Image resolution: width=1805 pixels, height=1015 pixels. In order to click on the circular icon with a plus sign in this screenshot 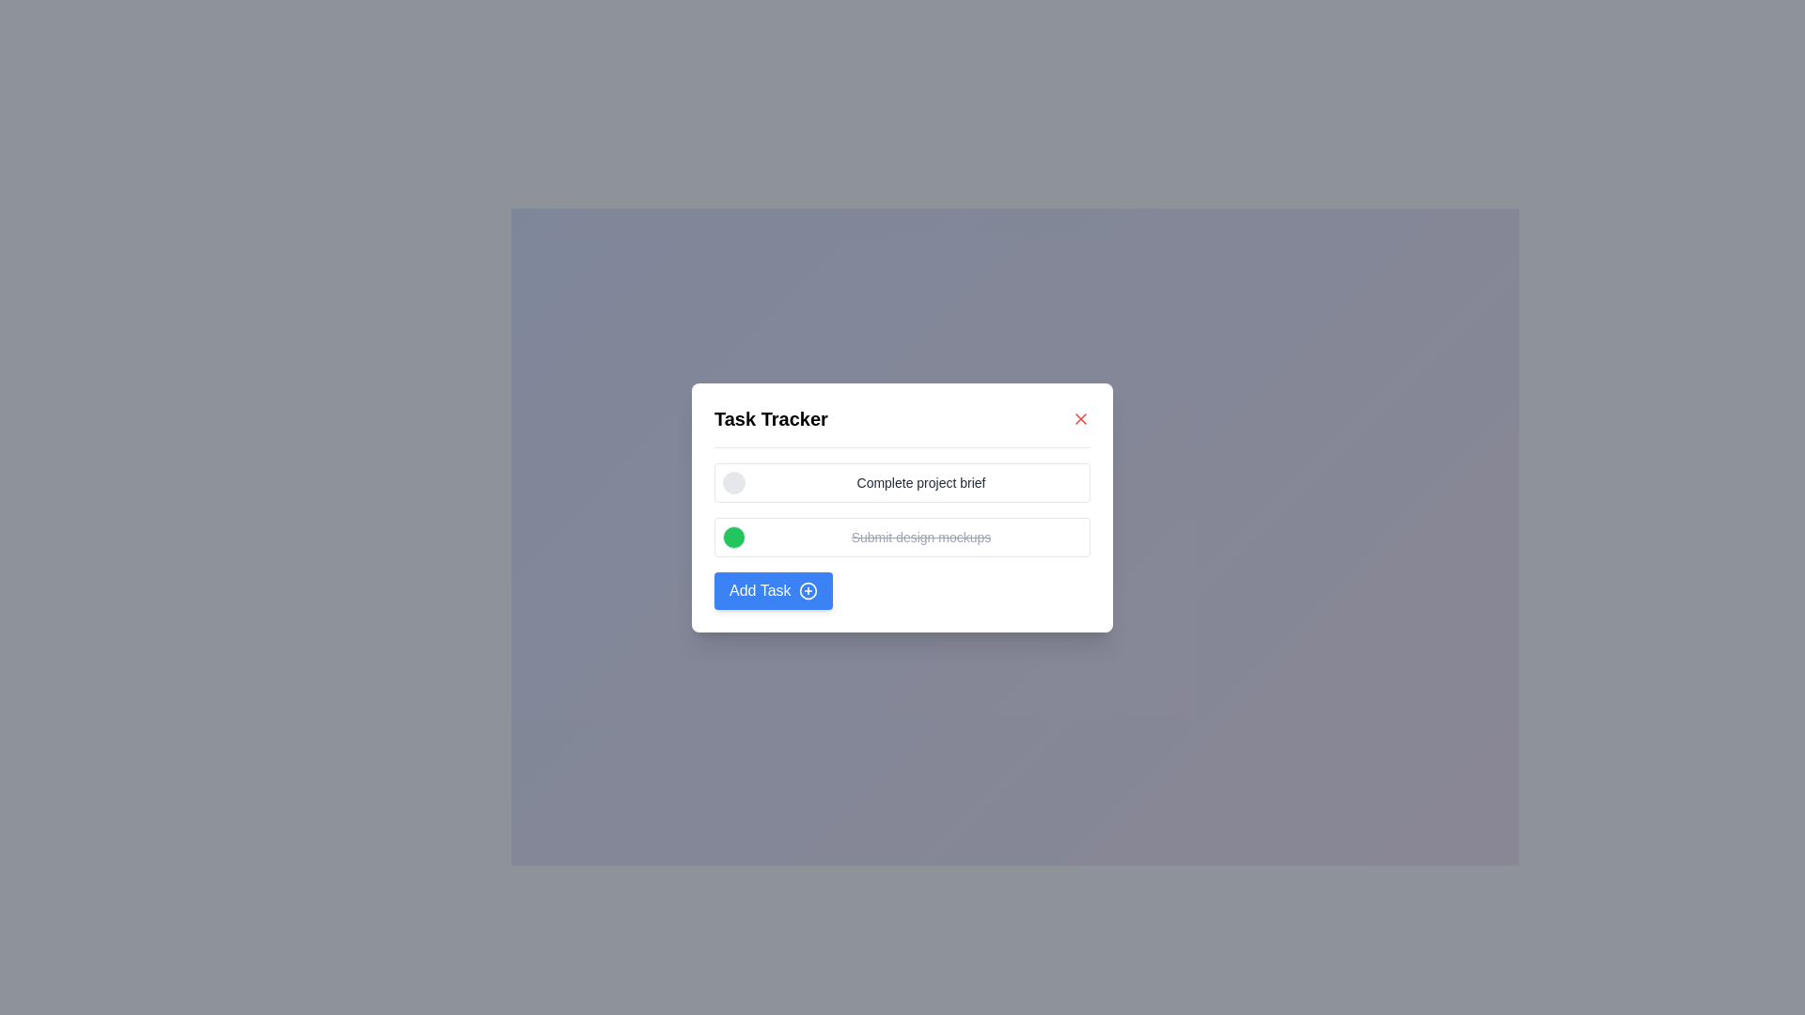, I will do `click(808, 589)`.